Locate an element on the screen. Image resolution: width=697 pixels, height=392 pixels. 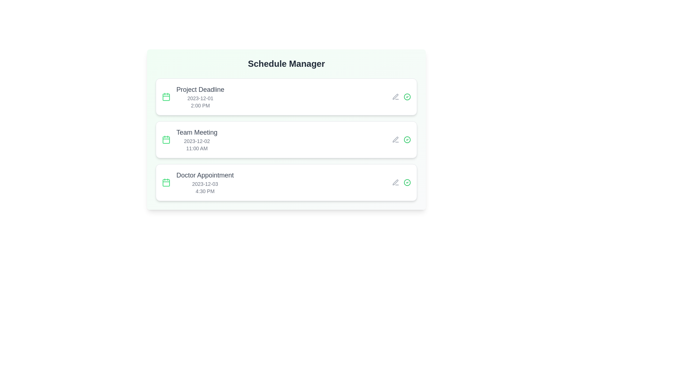
the event titled 'Project Deadline' to view its details is located at coordinates (286, 96).